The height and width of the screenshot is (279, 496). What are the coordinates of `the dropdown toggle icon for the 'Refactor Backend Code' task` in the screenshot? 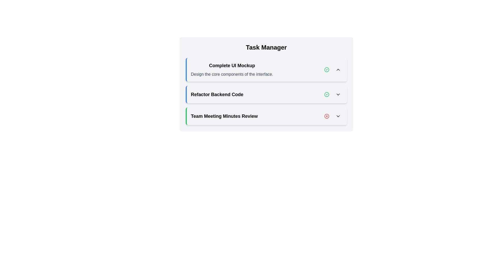 It's located at (338, 95).